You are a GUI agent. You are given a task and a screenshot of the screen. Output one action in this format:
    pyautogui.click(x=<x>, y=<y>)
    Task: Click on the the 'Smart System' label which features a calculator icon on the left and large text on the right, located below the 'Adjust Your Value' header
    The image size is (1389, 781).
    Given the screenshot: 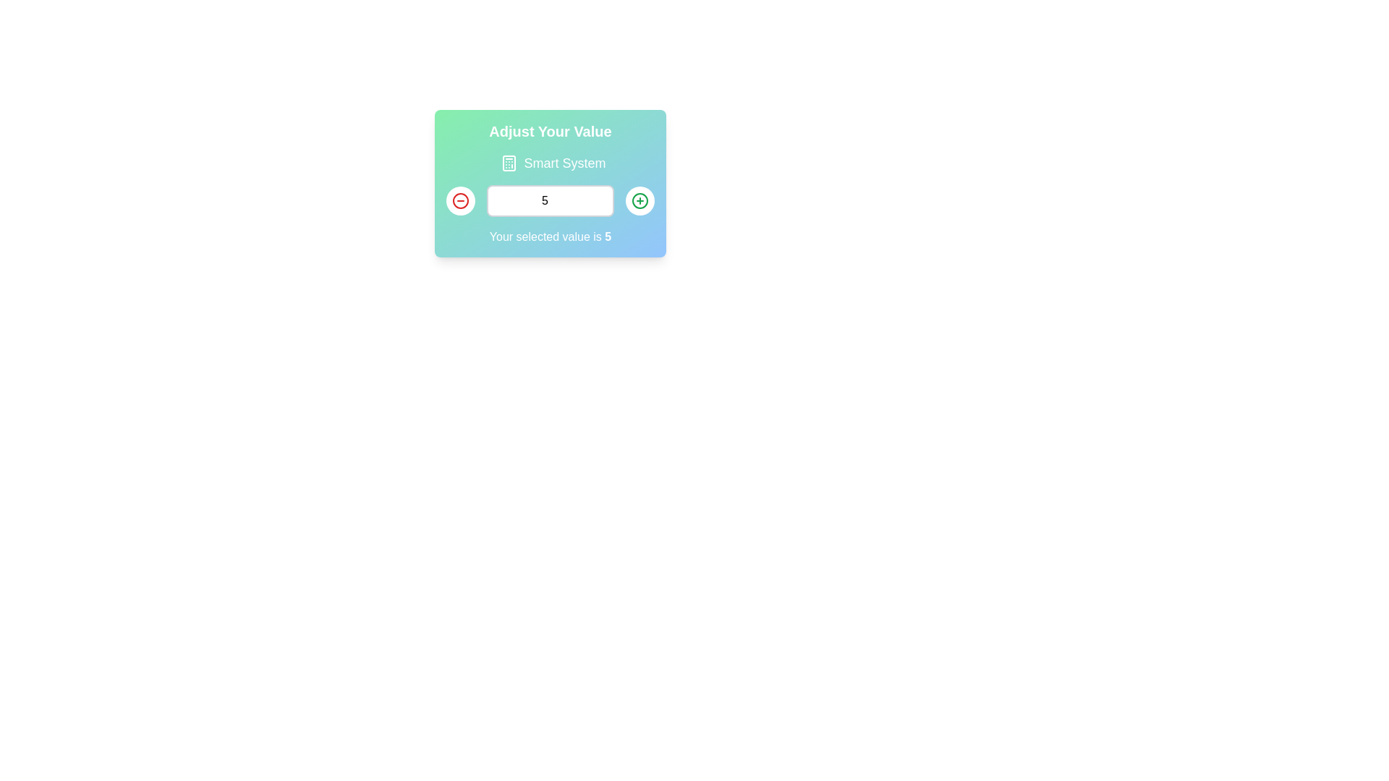 What is the action you would take?
    pyautogui.click(x=550, y=163)
    